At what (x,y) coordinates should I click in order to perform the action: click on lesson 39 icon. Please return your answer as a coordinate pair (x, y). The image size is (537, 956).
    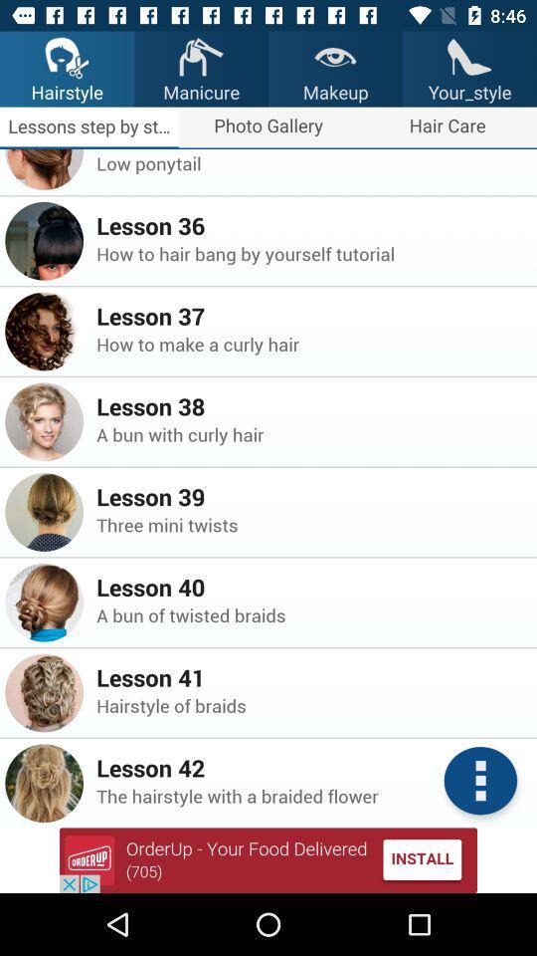
    Looking at the image, I should click on (310, 495).